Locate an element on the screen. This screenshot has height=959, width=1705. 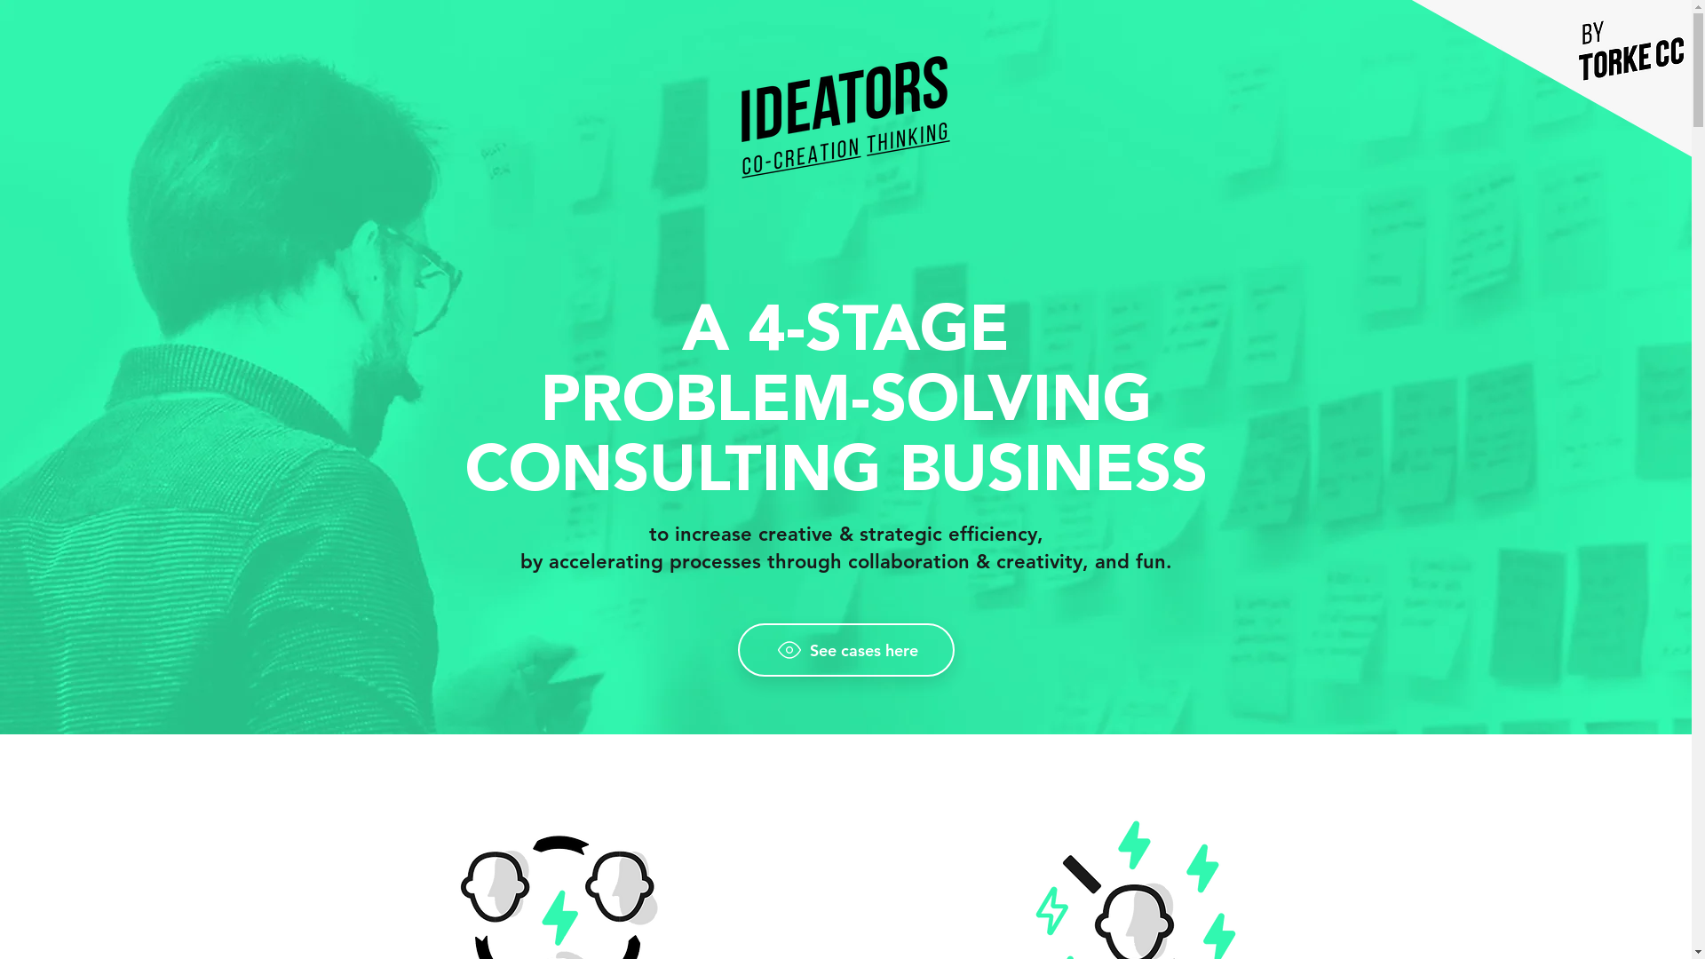
'See cases here' is located at coordinates (844, 650).